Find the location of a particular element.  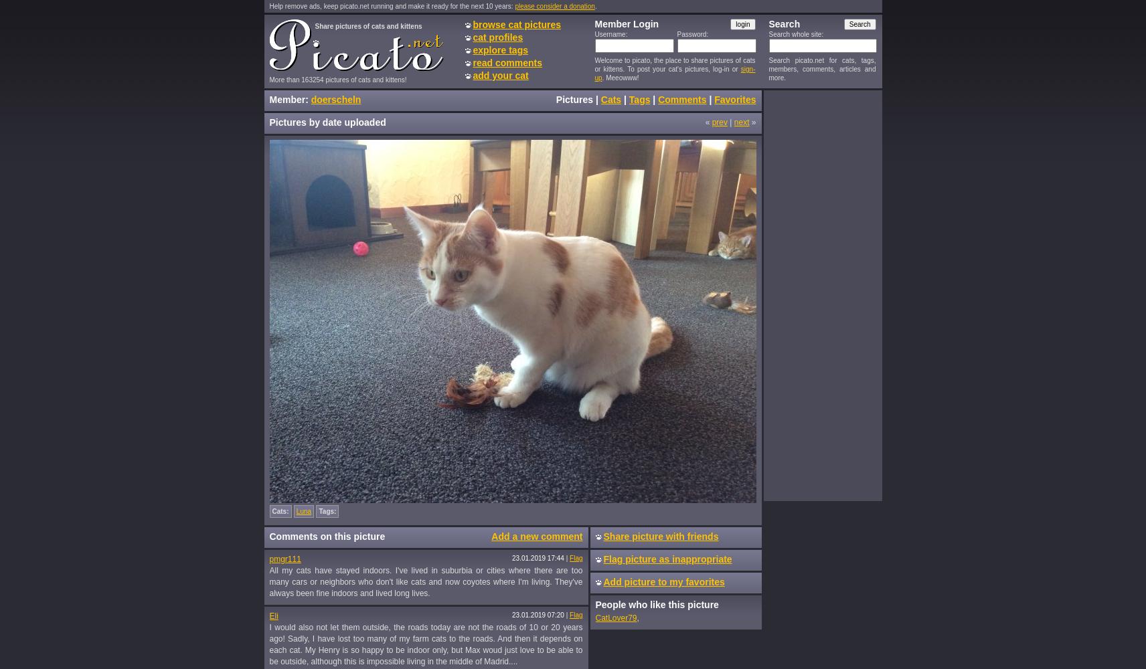

'Help remove ads, keep picato.net running and make it ready for the next 10 years:' is located at coordinates (391, 6).